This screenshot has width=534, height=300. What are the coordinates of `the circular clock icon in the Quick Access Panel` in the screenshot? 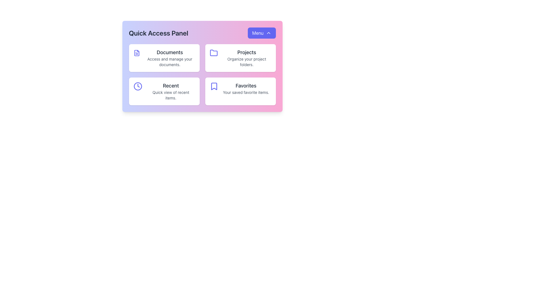 It's located at (138, 86).